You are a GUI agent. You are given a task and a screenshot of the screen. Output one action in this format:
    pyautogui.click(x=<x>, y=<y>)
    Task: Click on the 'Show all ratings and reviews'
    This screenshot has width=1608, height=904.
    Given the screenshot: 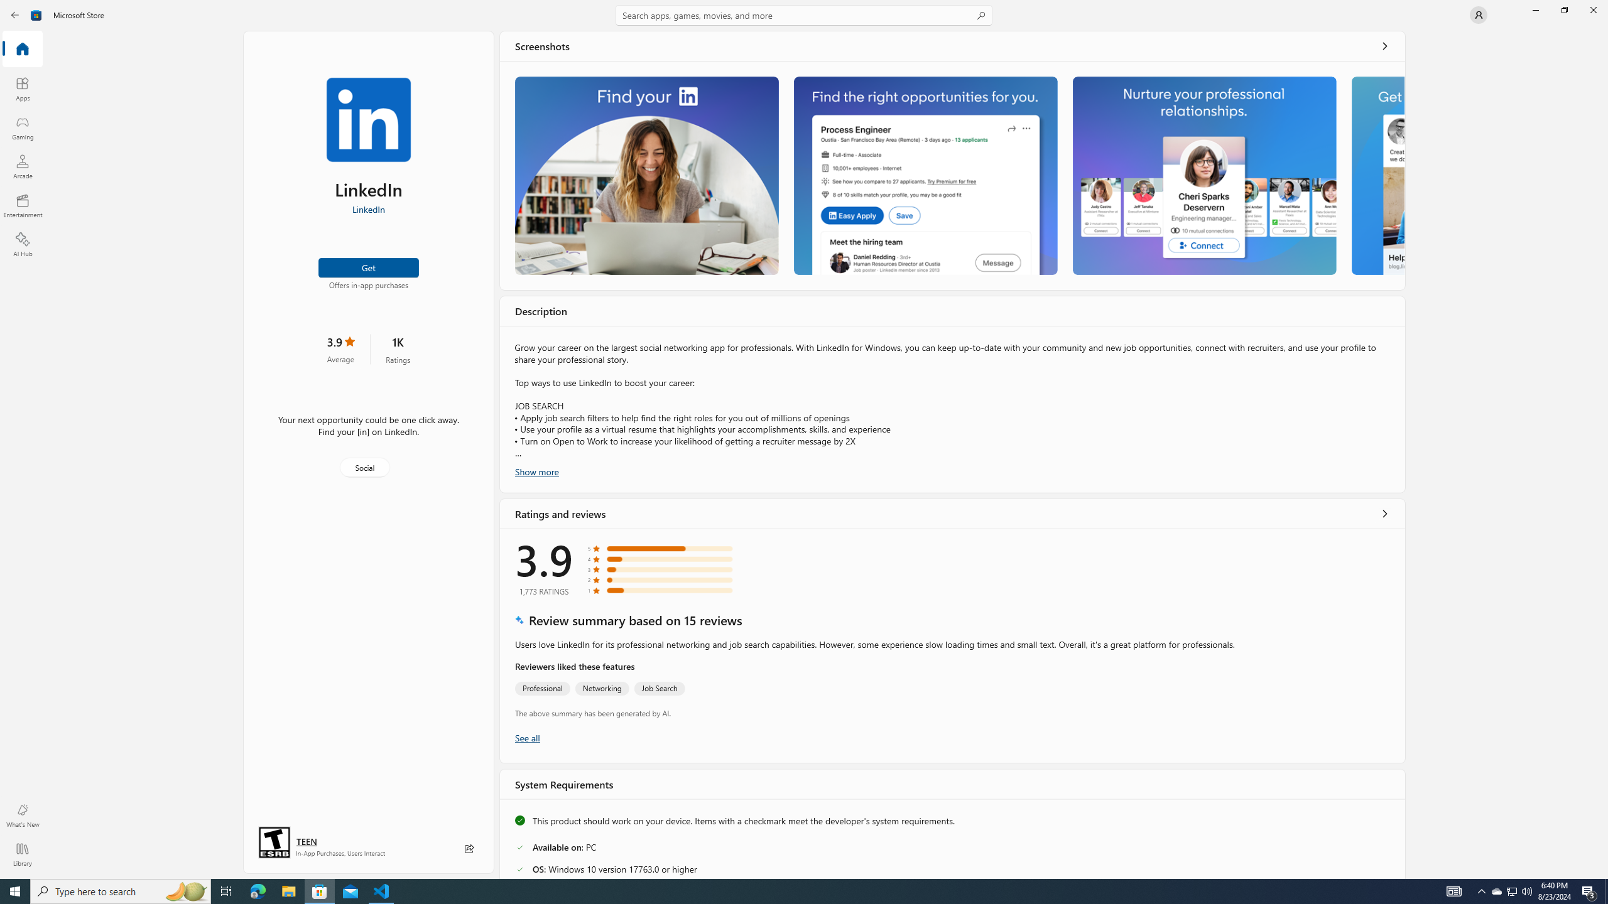 What is the action you would take?
    pyautogui.click(x=527, y=736)
    